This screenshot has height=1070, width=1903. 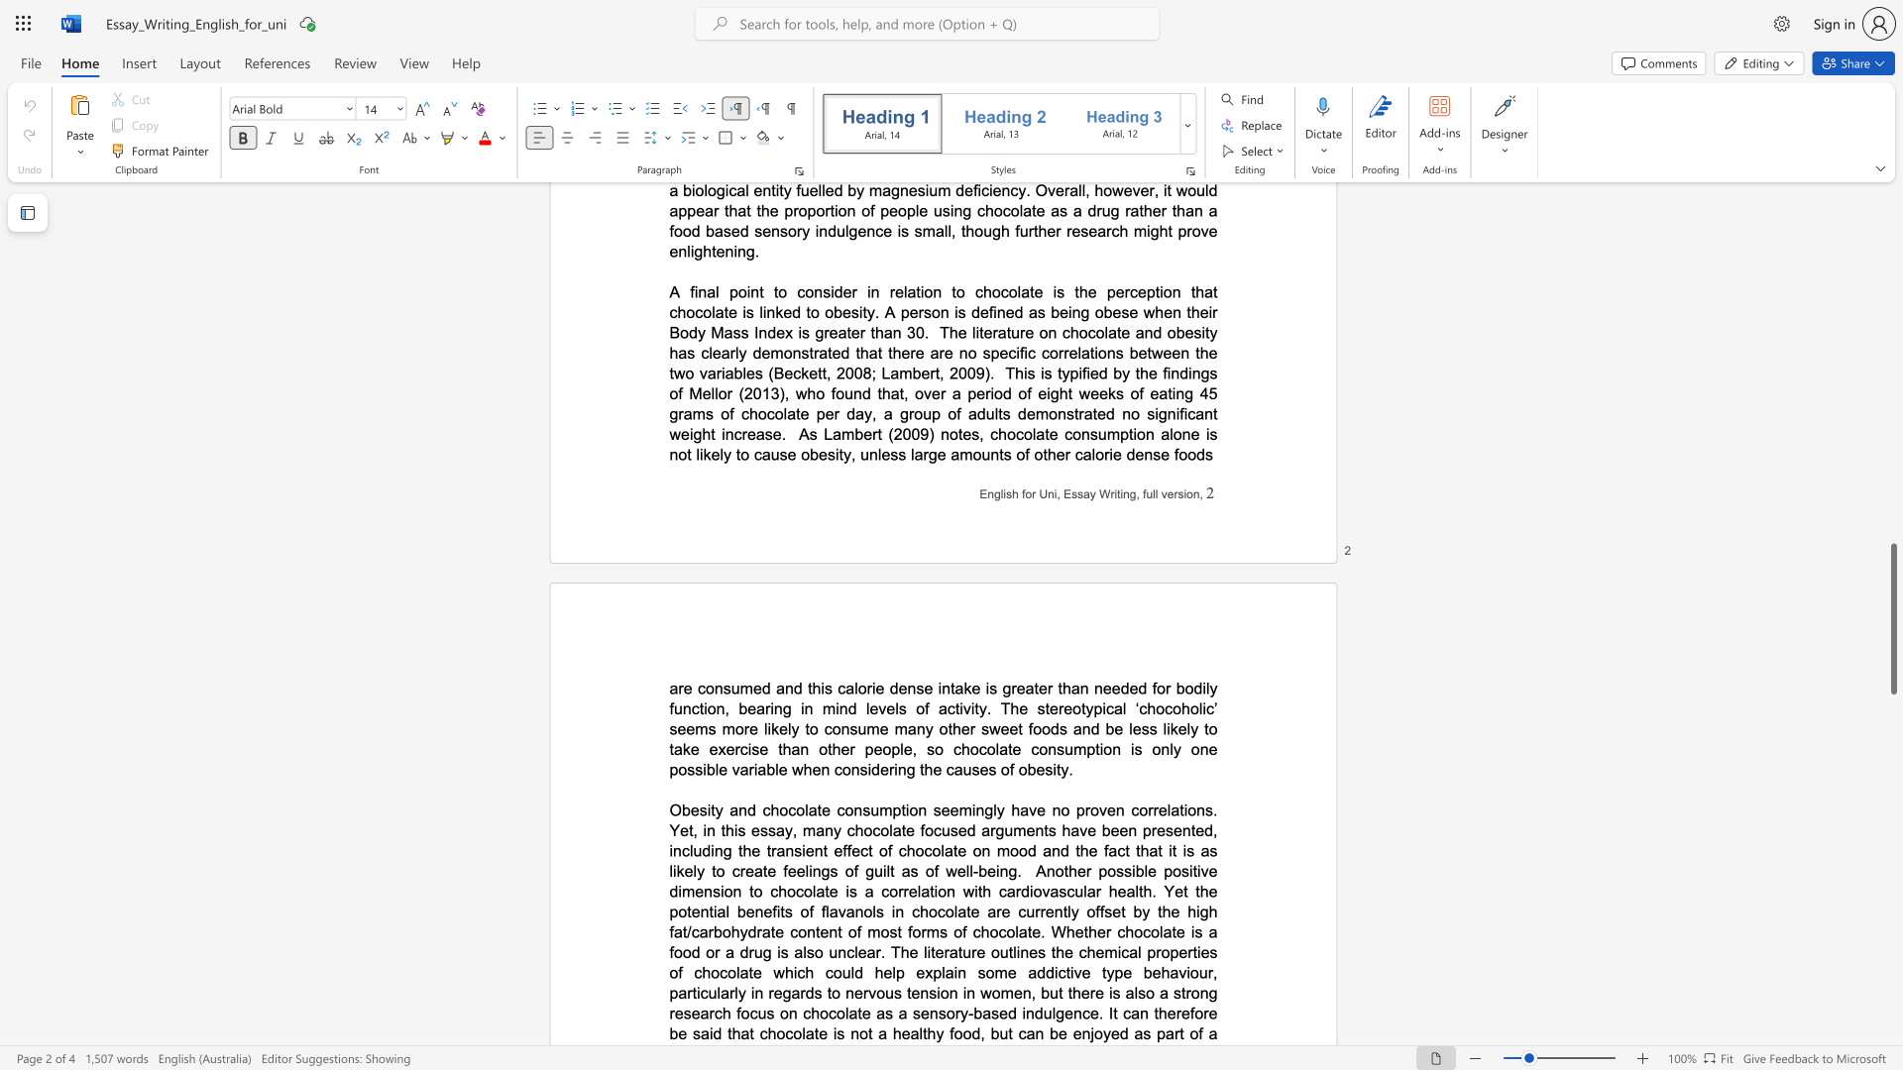 What do you see at coordinates (1892, 396) in the screenshot?
I see `the scrollbar to scroll upward` at bounding box center [1892, 396].